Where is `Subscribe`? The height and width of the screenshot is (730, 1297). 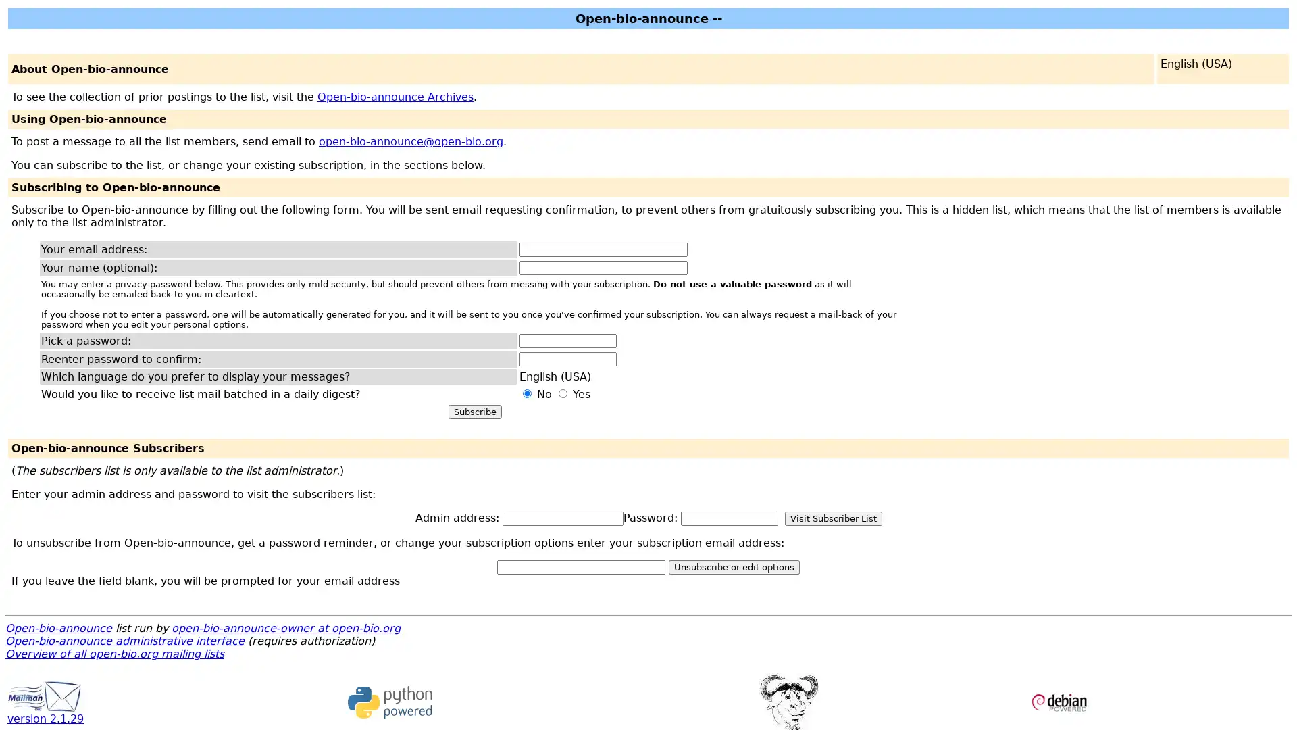 Subscribe is located at coordinates (474, 411).